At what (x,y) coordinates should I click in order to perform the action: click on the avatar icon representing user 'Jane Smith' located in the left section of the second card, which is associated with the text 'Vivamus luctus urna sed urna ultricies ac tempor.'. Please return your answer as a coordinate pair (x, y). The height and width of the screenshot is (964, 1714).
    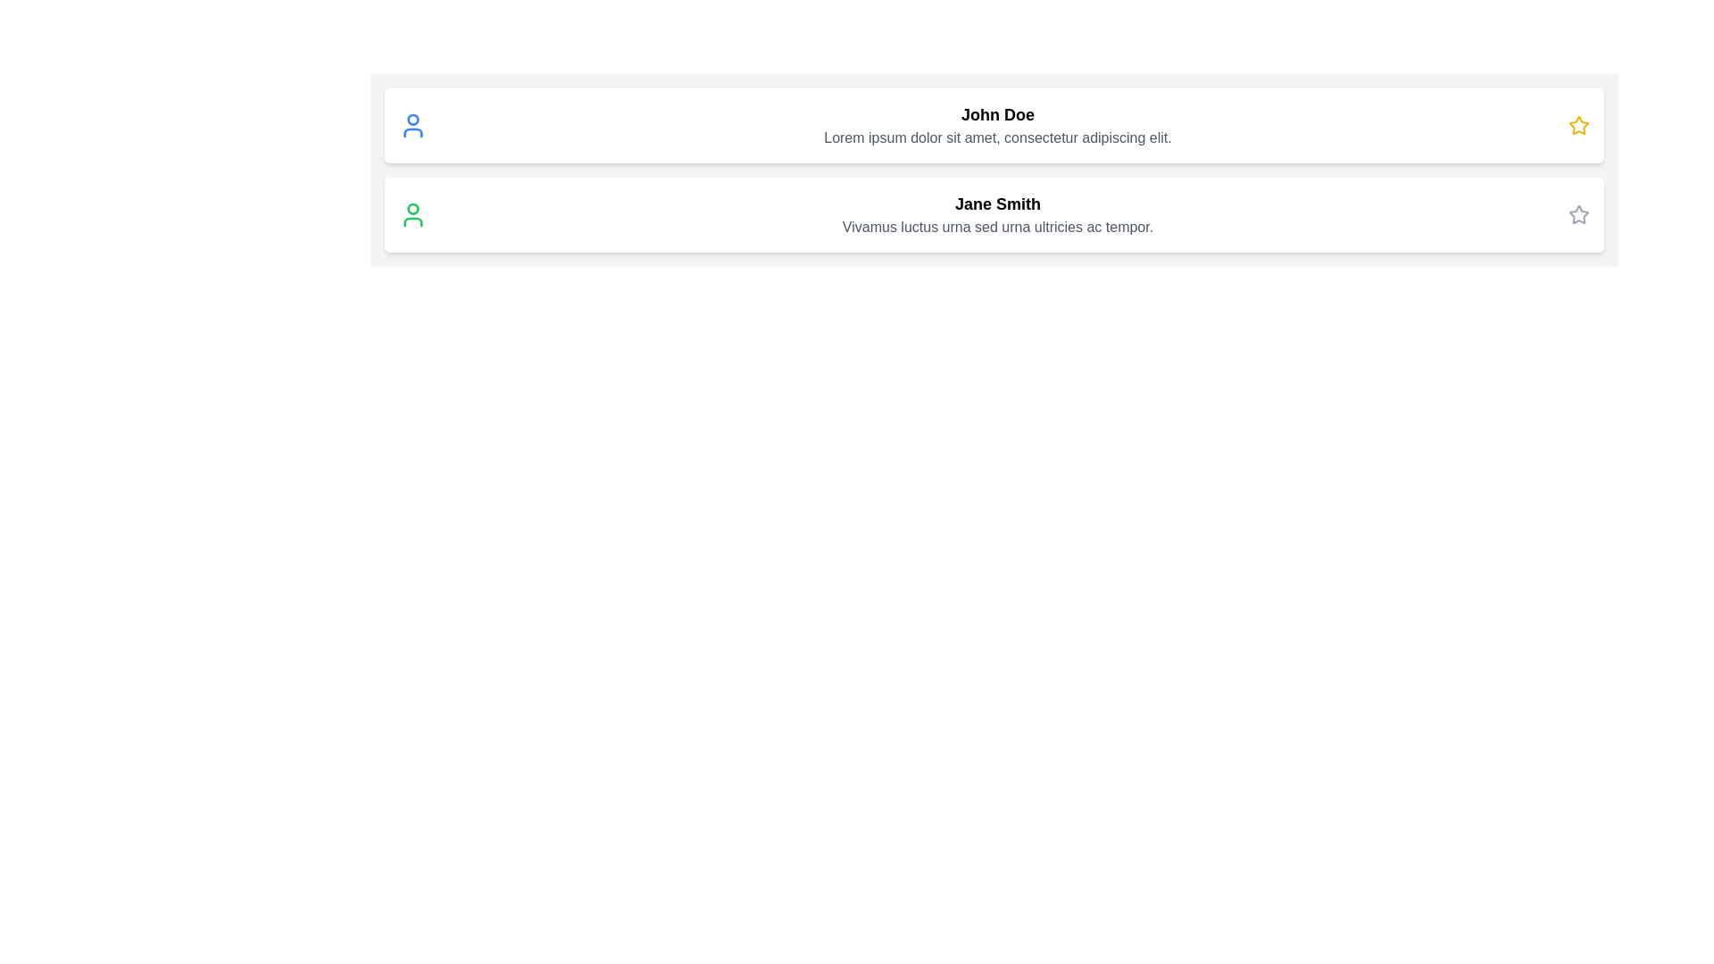
    Looking at the image, I should click on (412, 213).